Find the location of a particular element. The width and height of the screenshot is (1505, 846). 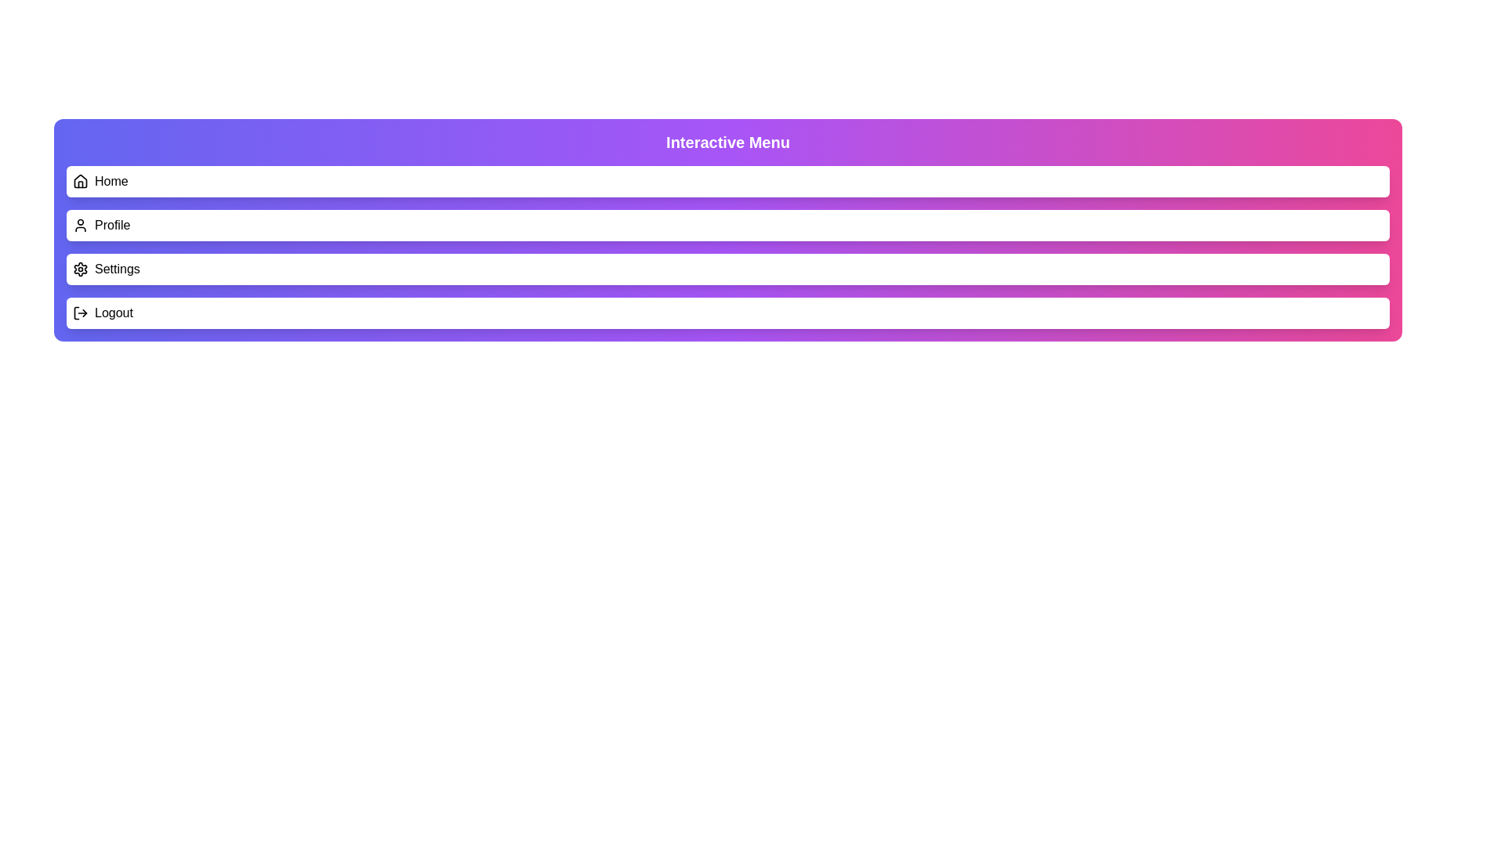

the menu item labeled Settings to observe style changes is located at coordinates (727, 268).